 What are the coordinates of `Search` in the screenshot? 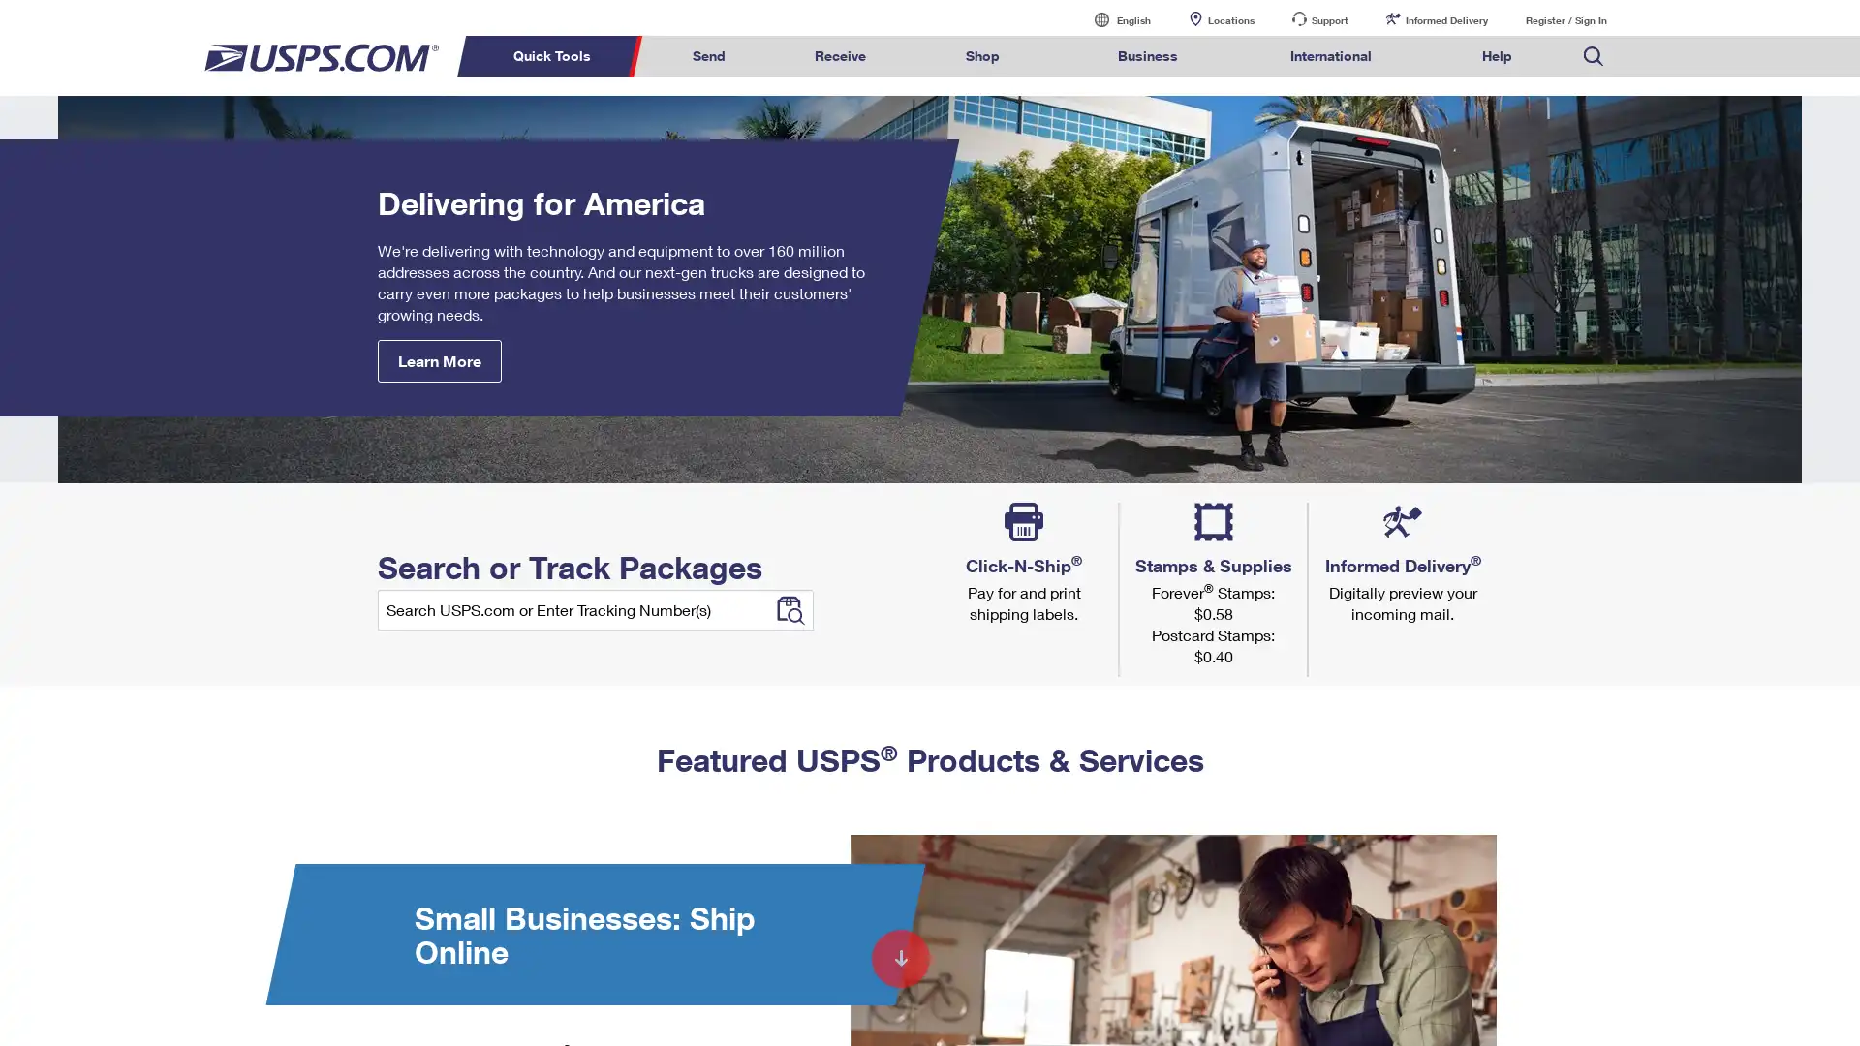 It's located at (1343, 488).